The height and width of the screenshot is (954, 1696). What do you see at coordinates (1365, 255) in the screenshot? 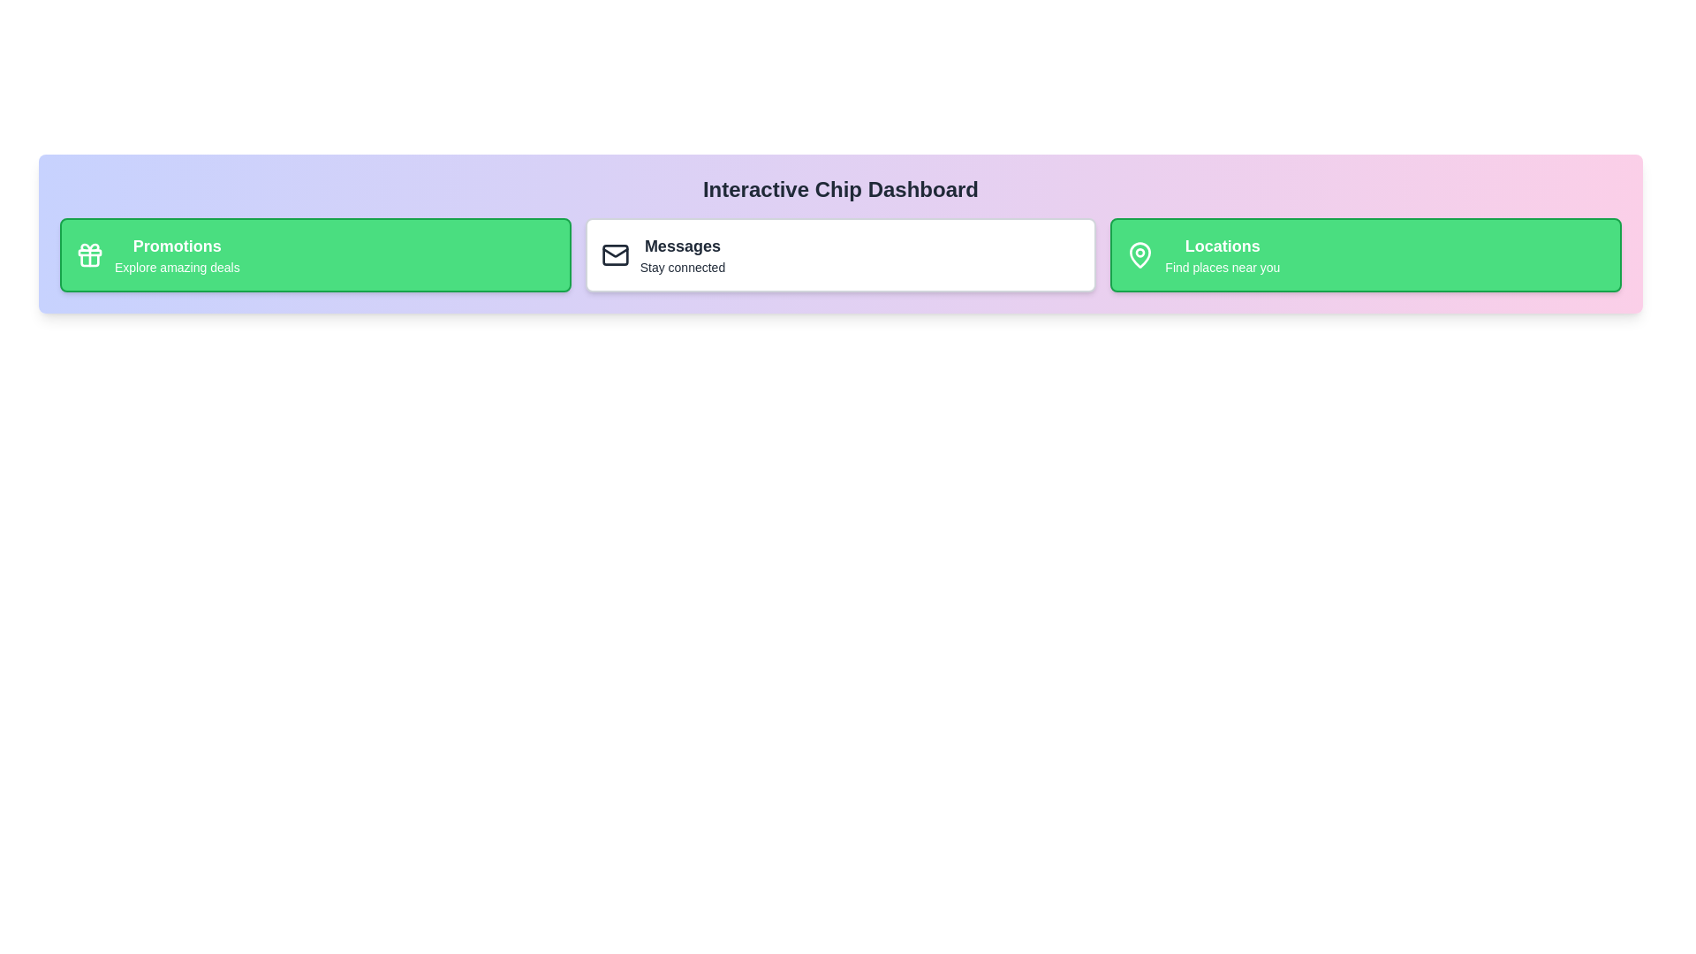
I see `the chip labeled Locations` at bounding box center [1365, 255].